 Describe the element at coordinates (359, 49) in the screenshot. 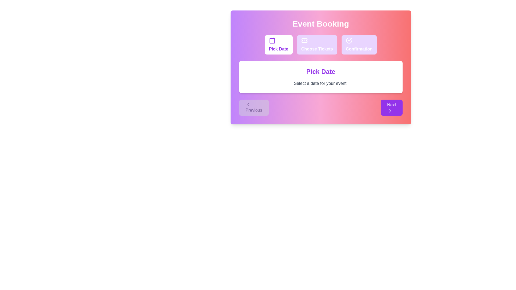

I see `the 'Confirmation' text label styled with a bold font on a light purple background, located within the top-right rectangular button` at that location.